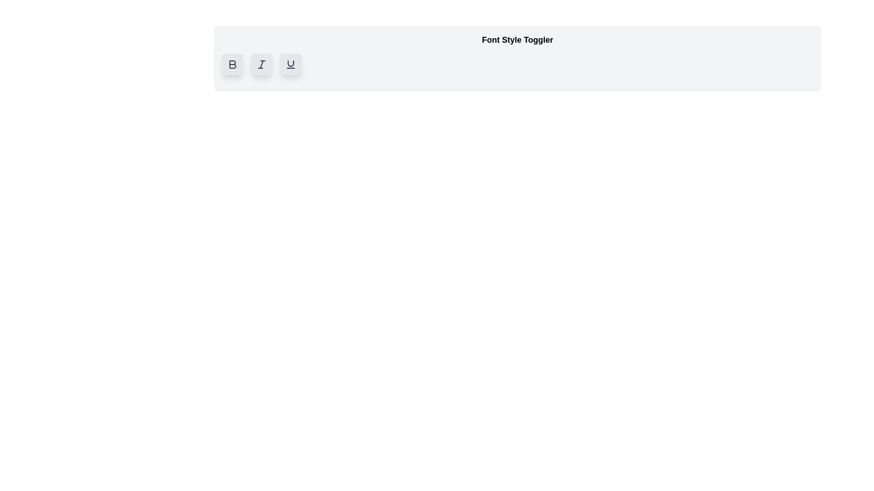  Describe the element at coordinates (290, 64) in the screenshot. I see `the third button in the horizontal group of text style toggle buttons` at that location.